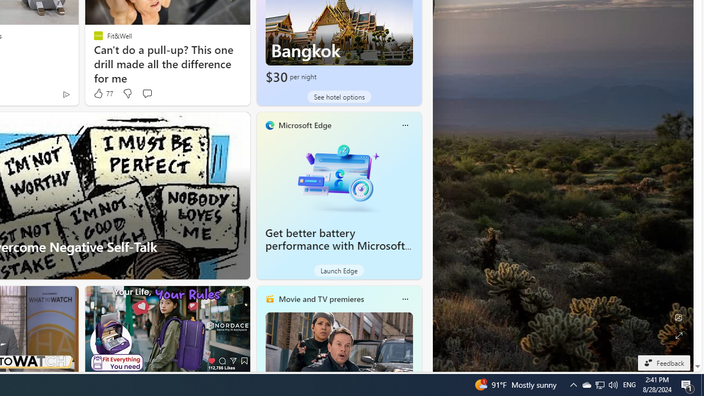 The image size is (704, 396). I want to click on 'Class: icon-img', so click(404, 299).